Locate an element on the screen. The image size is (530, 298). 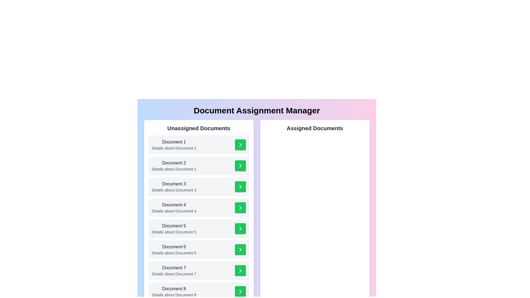
text label displaying 'Details about Document 5', which is located below the bold 'Document 5' text in the 'Unassigned Documents' list is located at coordinates (174, 232).